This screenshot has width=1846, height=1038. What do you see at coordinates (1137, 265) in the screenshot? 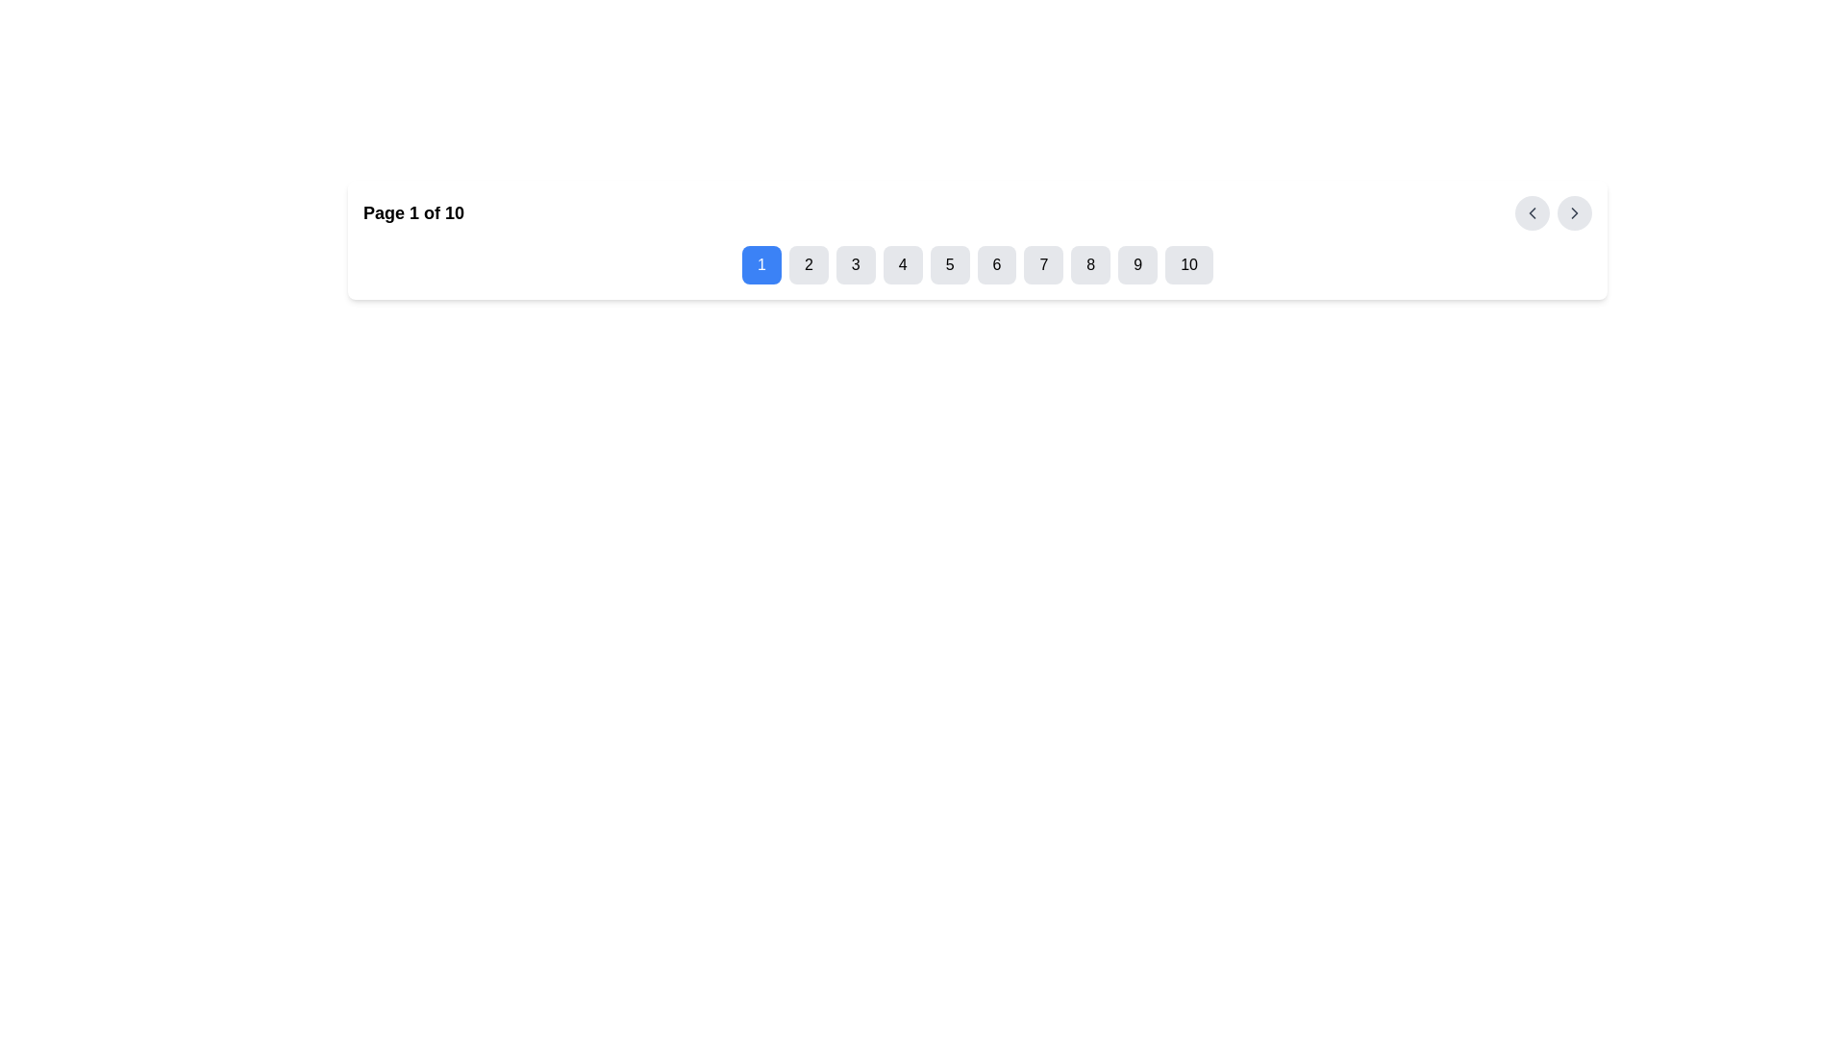
I see `the button labeled '9' with a light gray background` at bounding box center [1137, 265].